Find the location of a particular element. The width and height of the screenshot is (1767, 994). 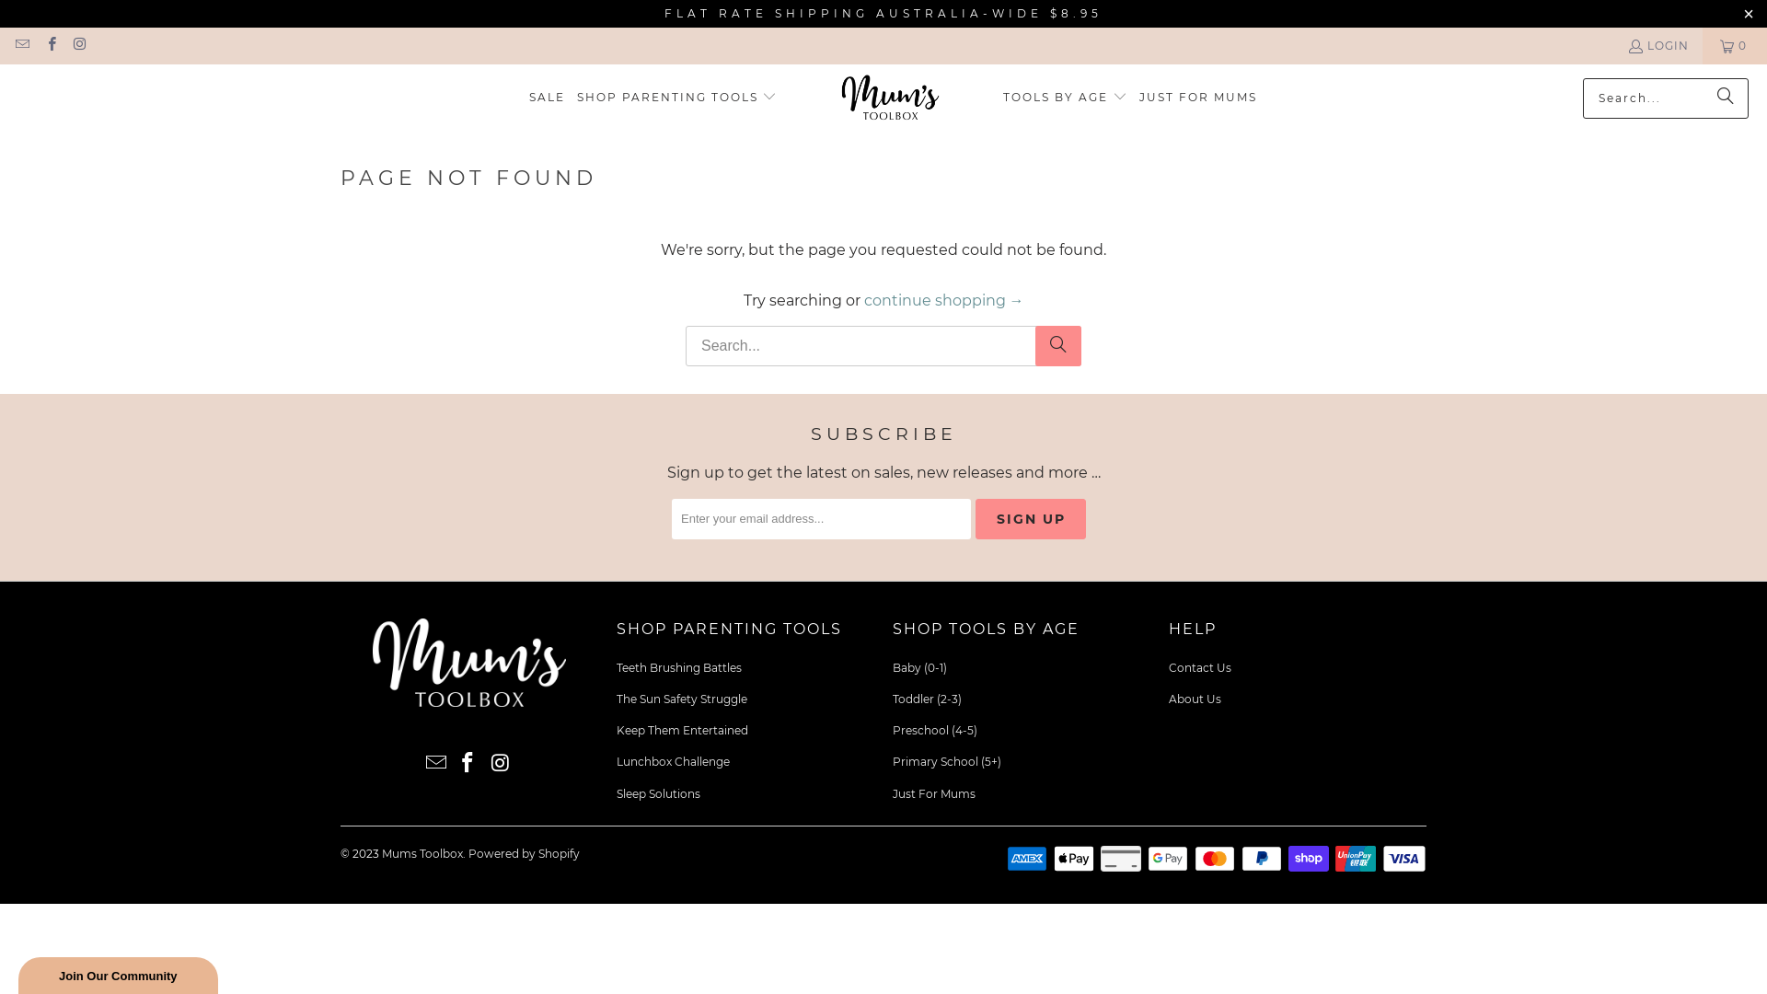

'Contact Us' is located at coordinates (1200, 667).